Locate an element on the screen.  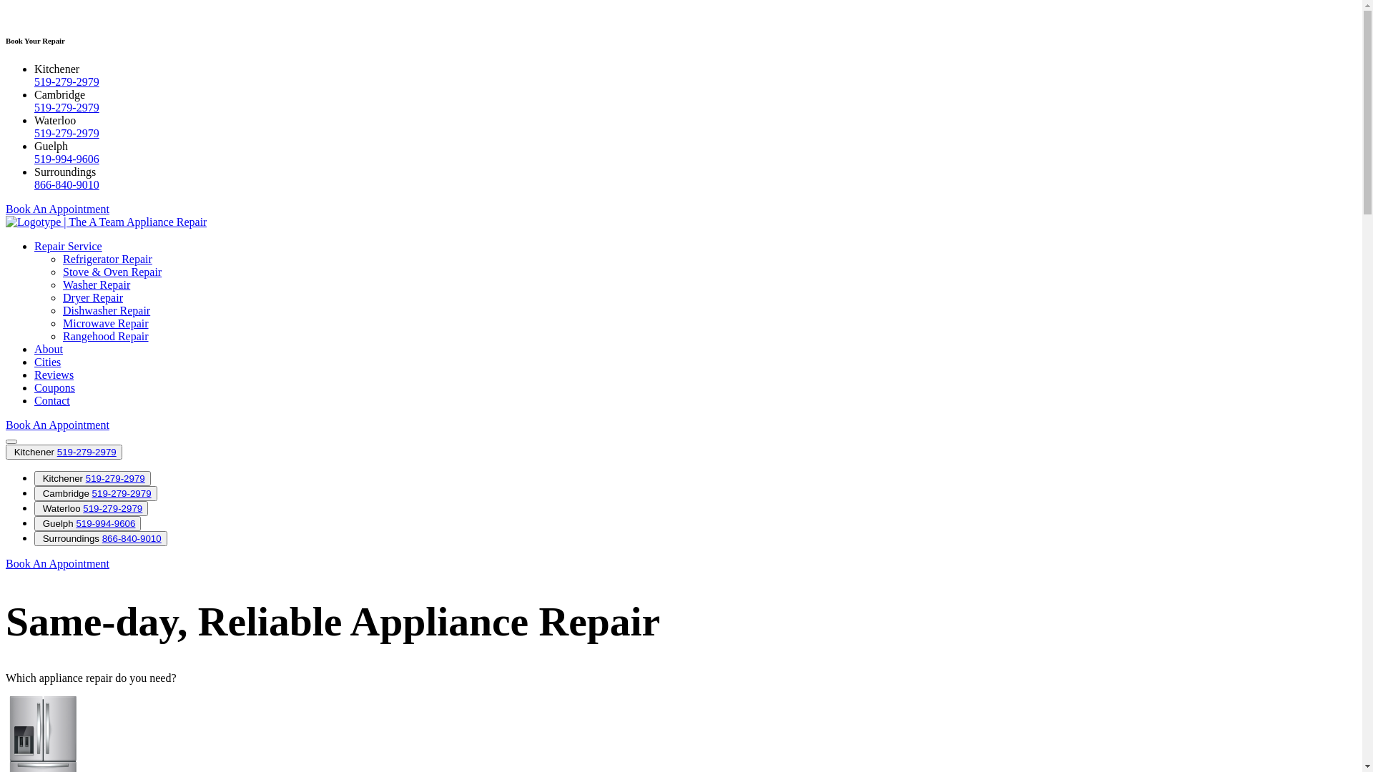
'Contact' is located at coordinates (34, 400).